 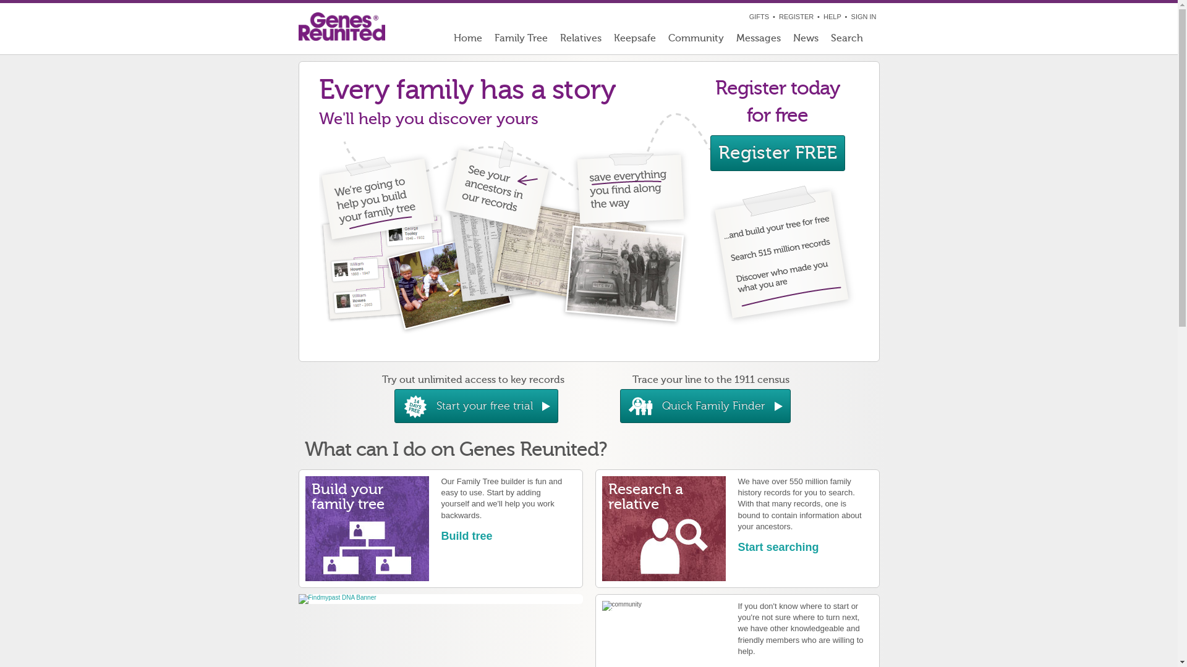 I want to click on 'Community', so click(x=695, y=40).